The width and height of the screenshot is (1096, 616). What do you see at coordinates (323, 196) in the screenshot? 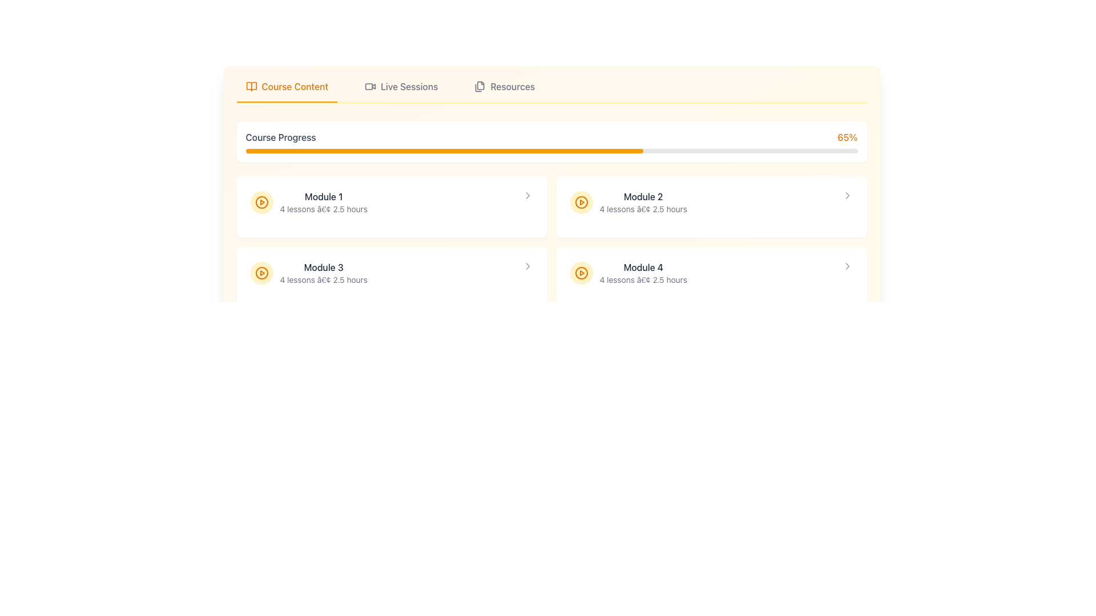
I see `'Module 1' text label, which is styled in a medium font weight and dark gray color, located at the center of the top-left module card in the grid of lesson modules` at bounding box center [323, 196].